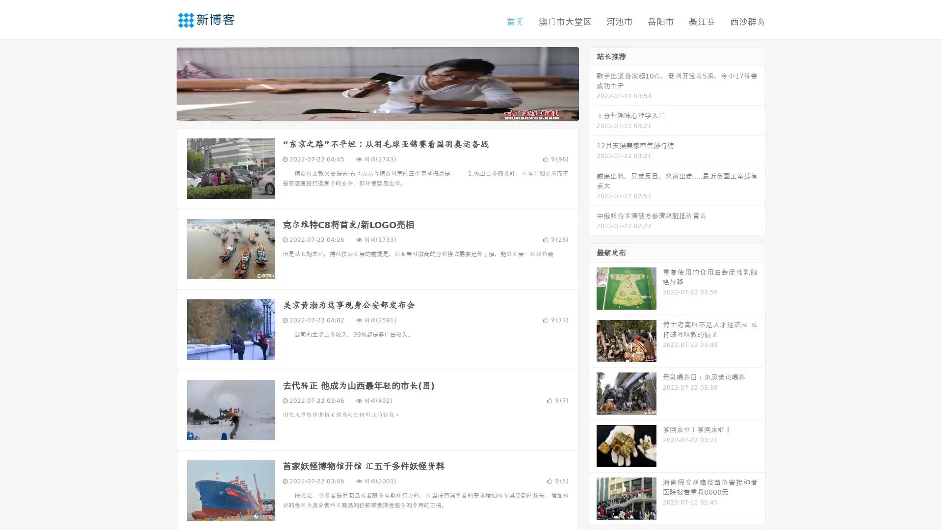 This screenshot has height=530, width=942. Describe the element at coordinates (367, 110) in the screenshot. I see `Go to slide 1` at that location.